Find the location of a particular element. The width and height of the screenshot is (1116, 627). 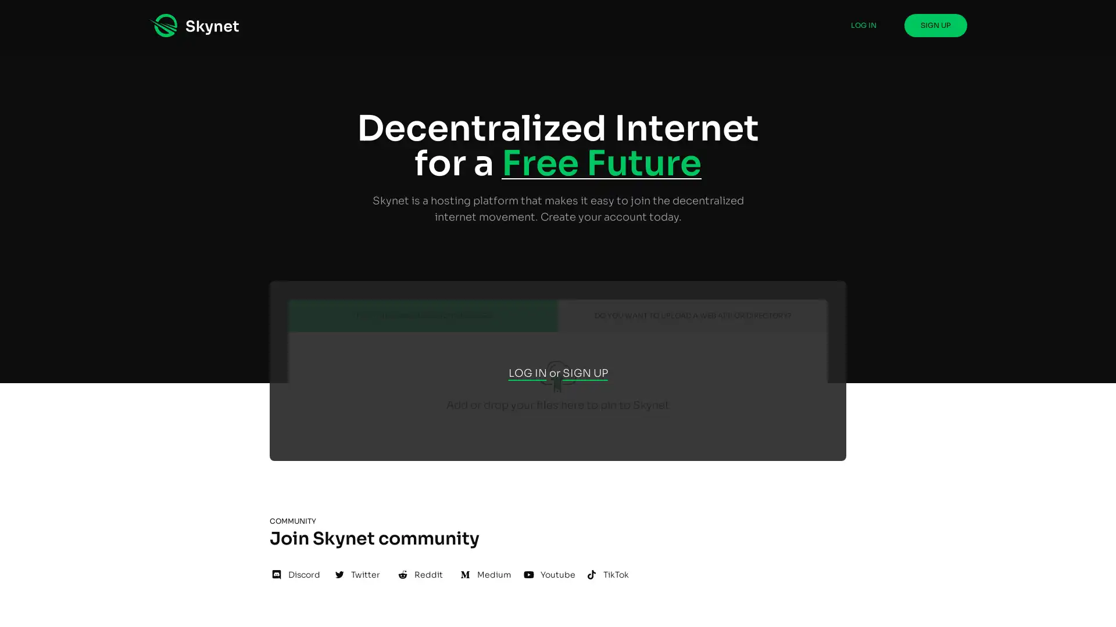

DO YOU WANT TO UPLOAD A WEB APP OR DIRECTORY? is located at coordinates (692, 315).